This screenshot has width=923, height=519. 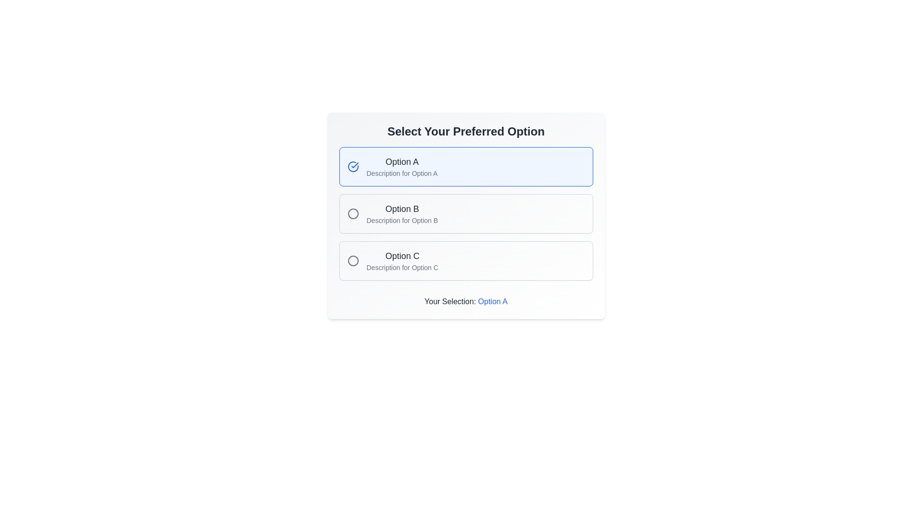 I want to click on text element displaying 'Option A', styled in blue, located near 'Your Selection:', so click(x=493, y=301).